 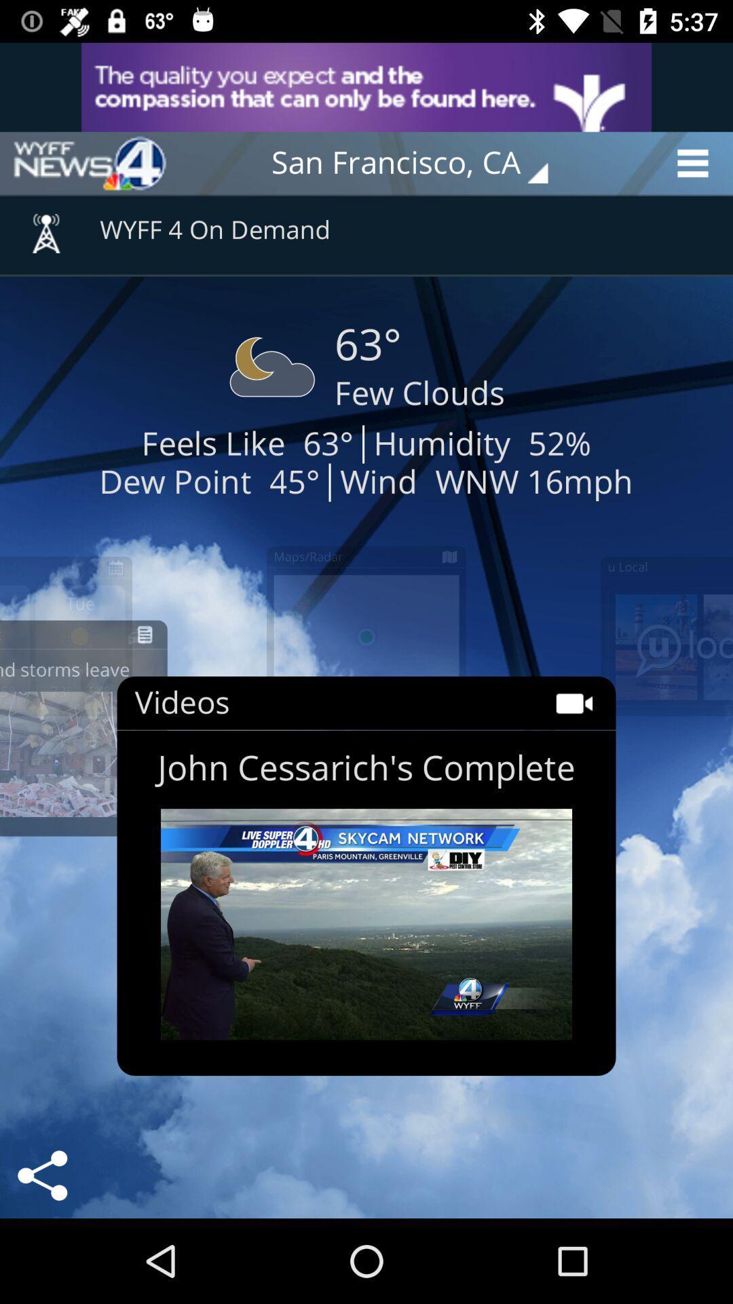 I want to click on the text left to menu icon, so click(x=419, y=163).